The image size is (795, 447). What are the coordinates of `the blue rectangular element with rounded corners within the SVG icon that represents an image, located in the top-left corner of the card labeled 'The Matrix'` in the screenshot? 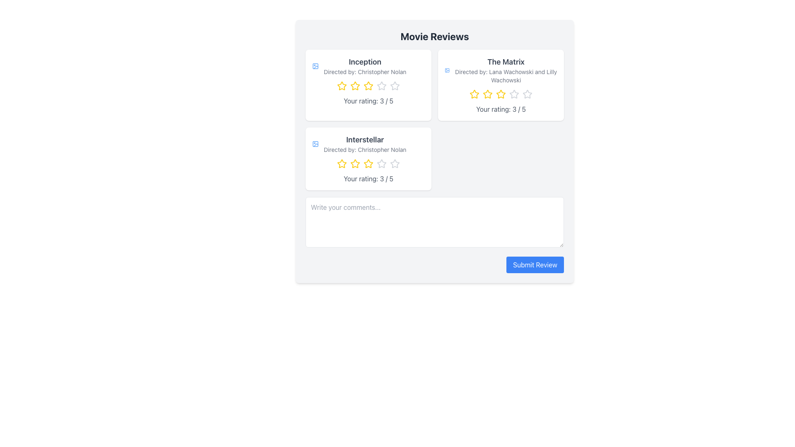 It's located at (447, 70).